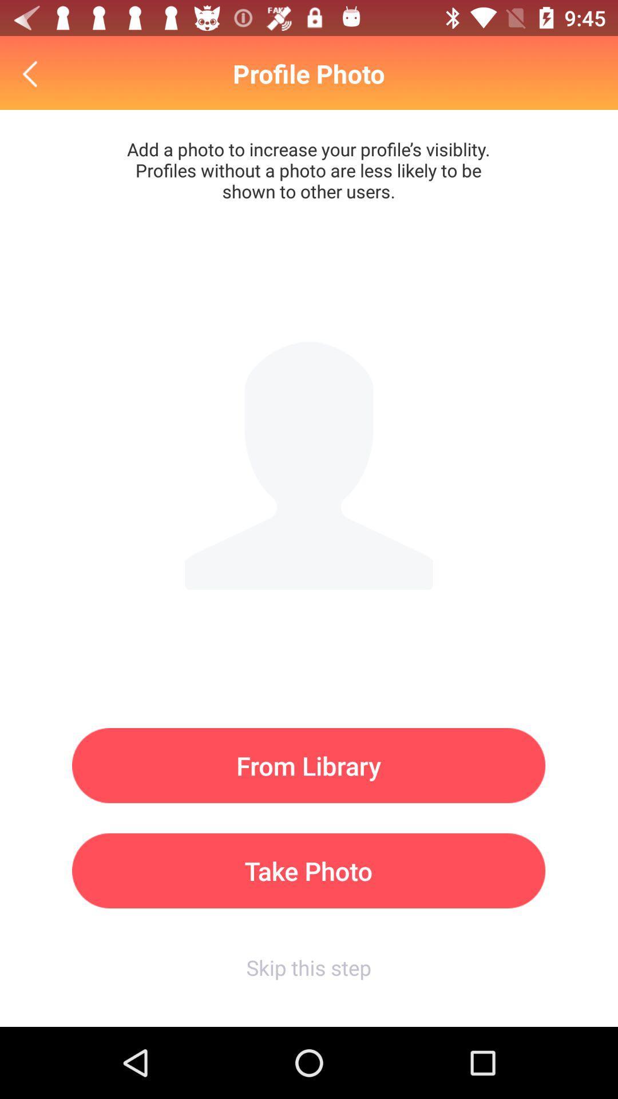 The height and width of the screenshot is (1099, 618). What do you see at coordinates (308, 765) in the screenshot?
I see `item above take photo icon` at bounding box center [308, 765].